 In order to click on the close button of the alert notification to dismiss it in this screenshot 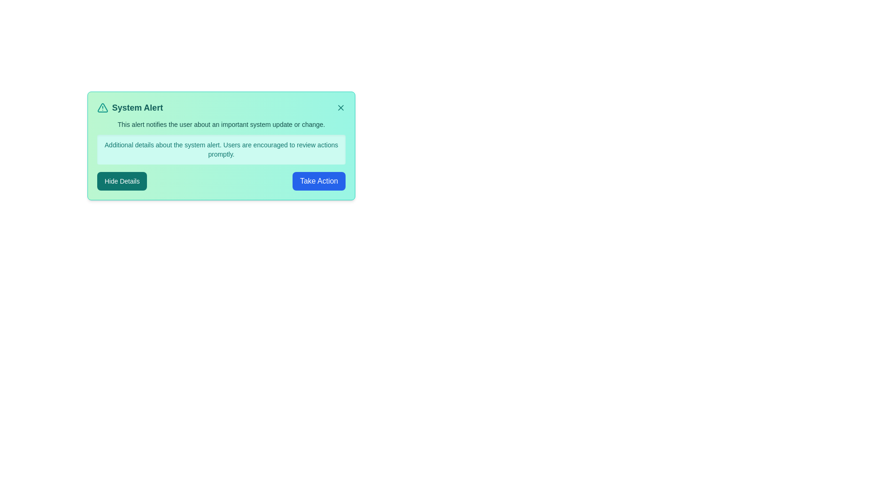, I will do `click(340, 107)`.